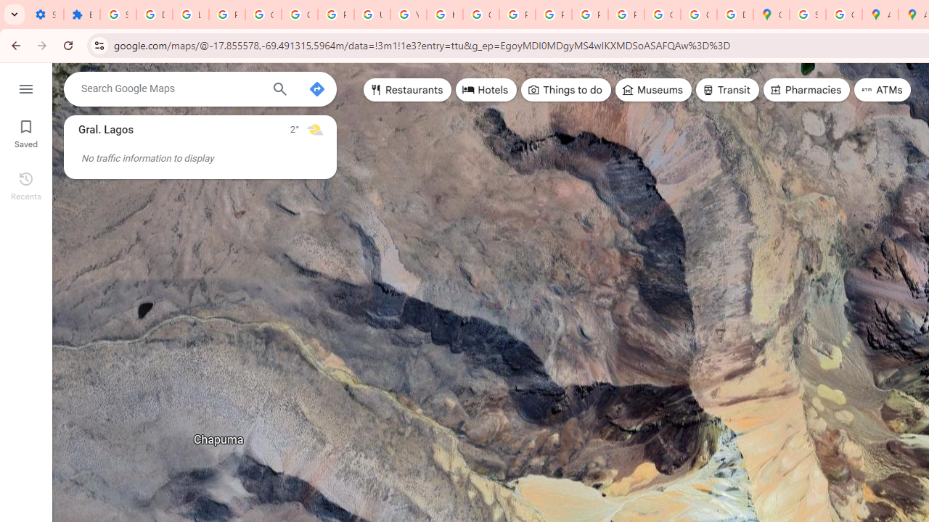 Image resolution: width=929 pixels, height=522 pixels. What do you see at coordinates (806, 14) in the screenshot?
I see `'Sign in - Google Accounts'` at bounding box center [806, 14].